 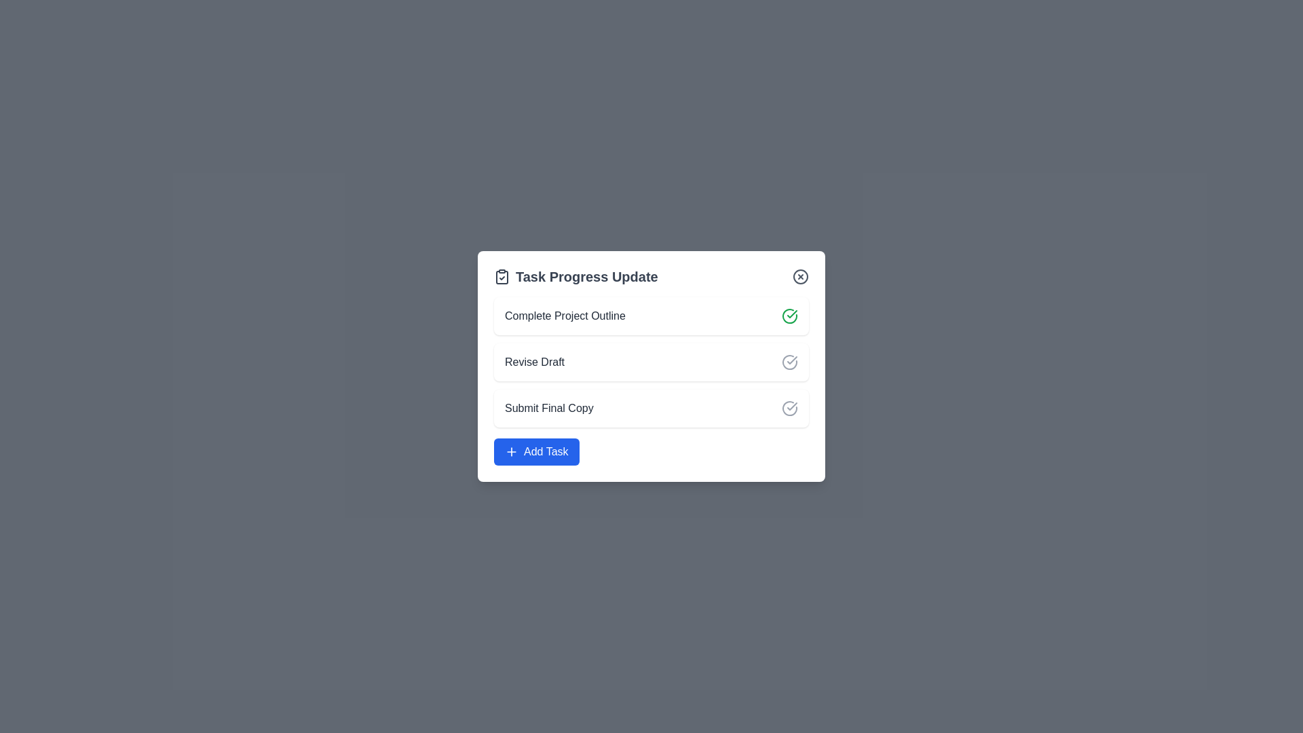 What do you see at coordinates (651, 276) in the screenshot?
I see `the 'Task Progress Update' header with the clipboard icon on its left, located at the top of the task list card` at bounding box center [651, 276].